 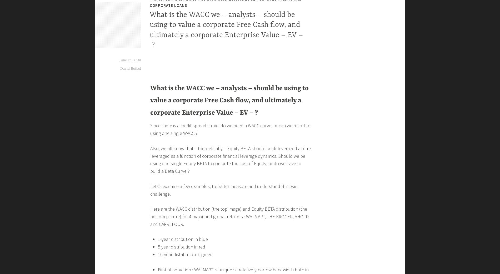 I want to click on 'financial covenants', so click(x=179, y=195).